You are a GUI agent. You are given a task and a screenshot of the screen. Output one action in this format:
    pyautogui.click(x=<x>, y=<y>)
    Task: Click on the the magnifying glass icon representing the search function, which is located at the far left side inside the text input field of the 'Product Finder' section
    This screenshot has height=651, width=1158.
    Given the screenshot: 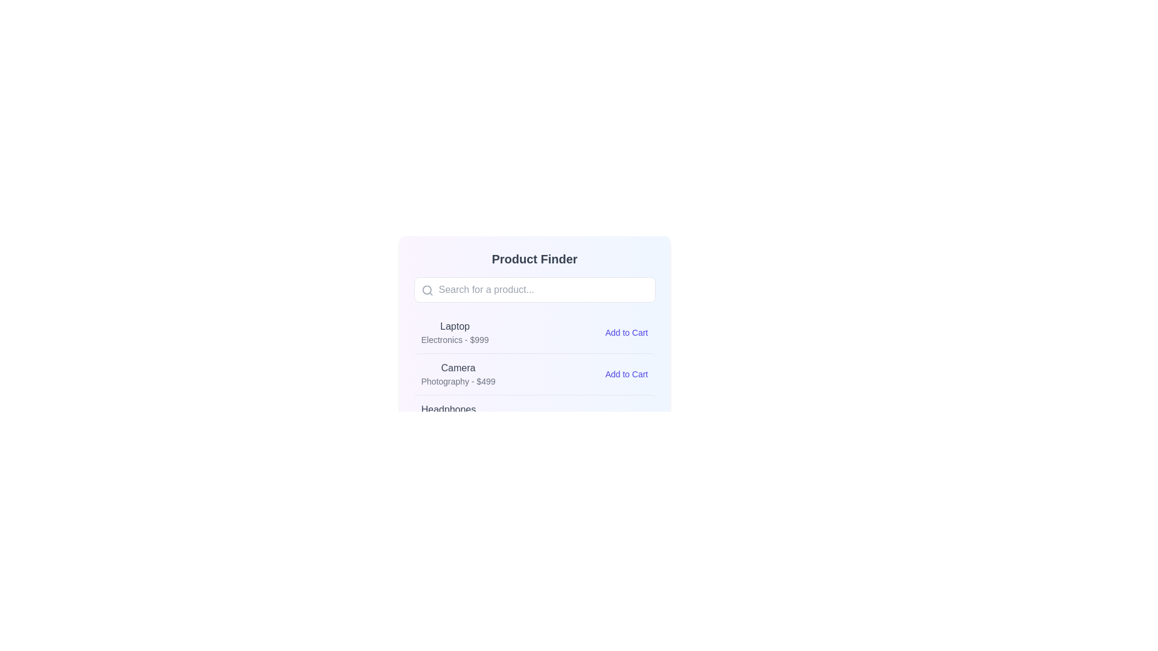 What is the action you would take?
    pyautogui.click(x=427, y=291)
    